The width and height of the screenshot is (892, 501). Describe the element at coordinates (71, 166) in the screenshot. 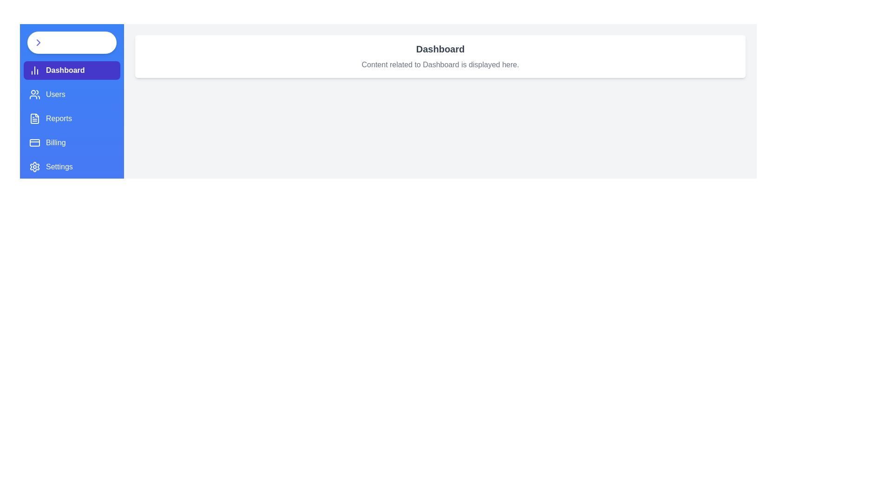

I see `the tab labeled Settings from the sidebar` at that location.